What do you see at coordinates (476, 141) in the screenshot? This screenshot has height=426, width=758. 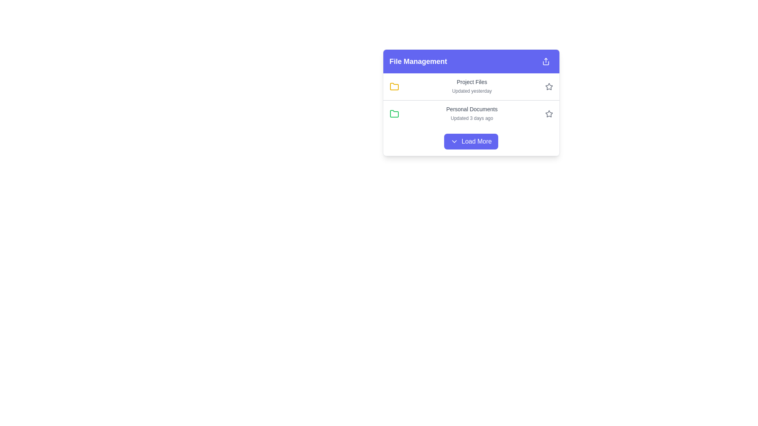 I see `the 'Load More' button, which is styled in white text on a blue background and located at the bottom of the UI component` at bounding box center [476, 141].